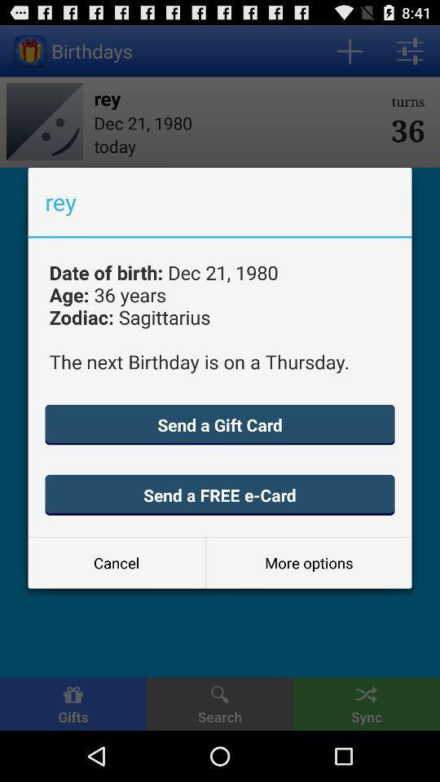  I want to click on icon next to the more options, so click(116, 563).